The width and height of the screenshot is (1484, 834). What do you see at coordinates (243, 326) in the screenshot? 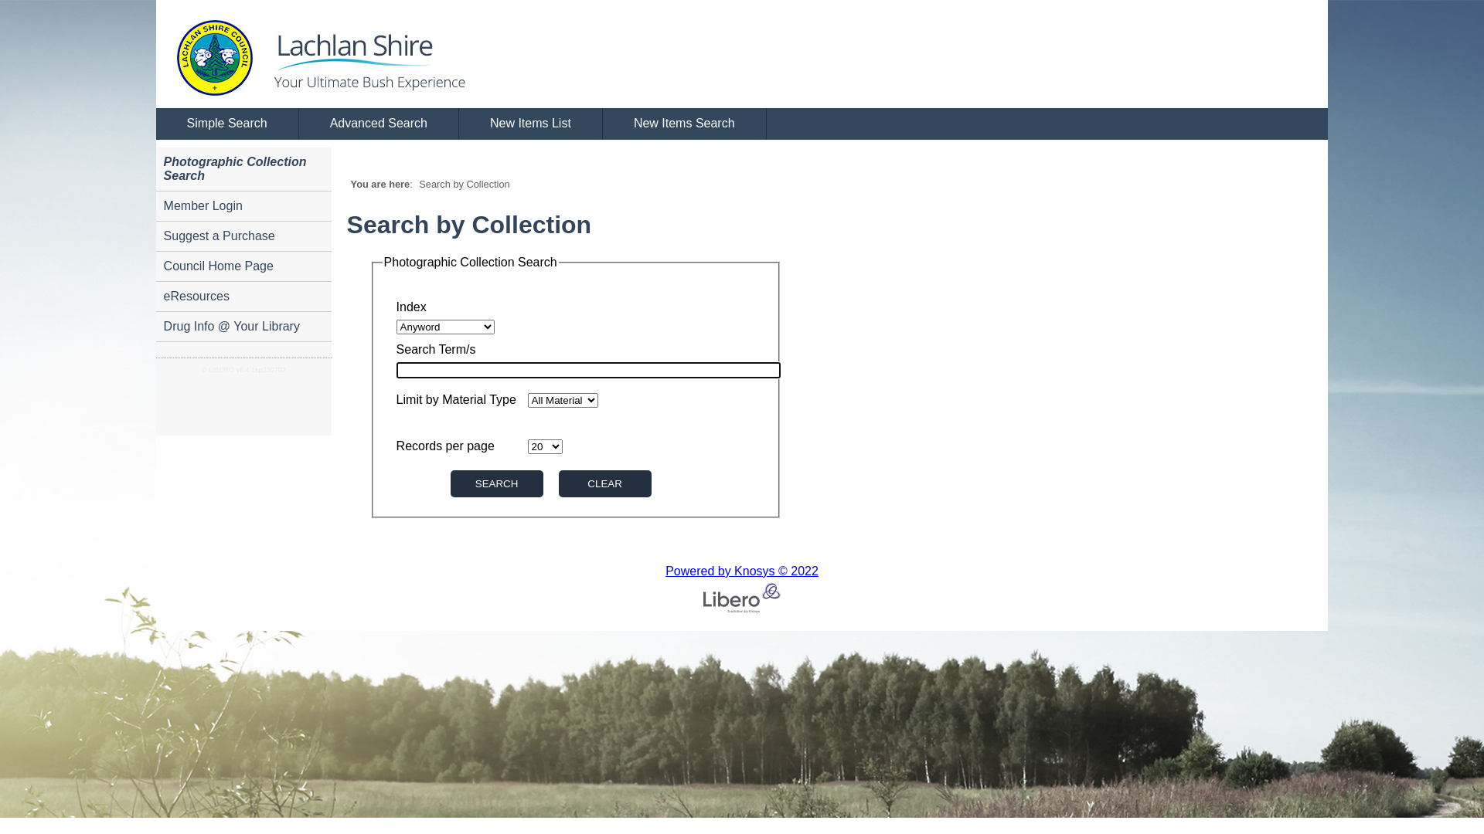
I see `'Drug Info @ Your Library'` at bounding box center [243, 326].